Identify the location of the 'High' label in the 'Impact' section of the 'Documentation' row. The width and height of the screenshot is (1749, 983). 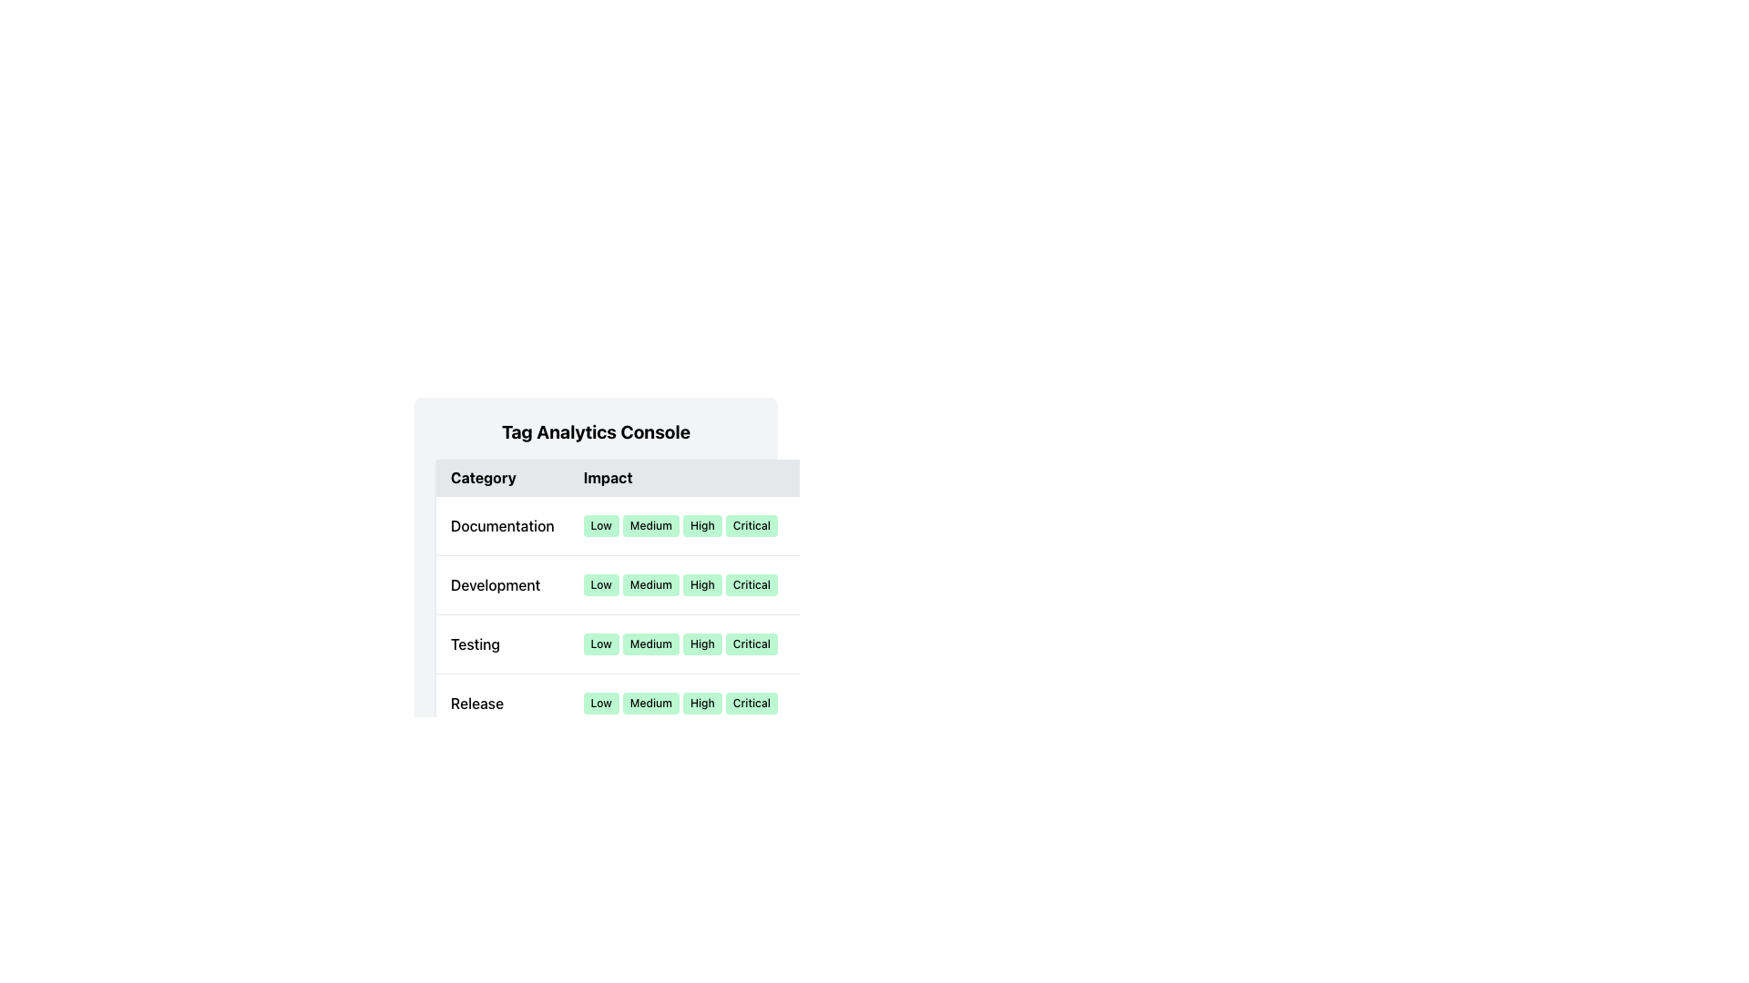
(680, 526).